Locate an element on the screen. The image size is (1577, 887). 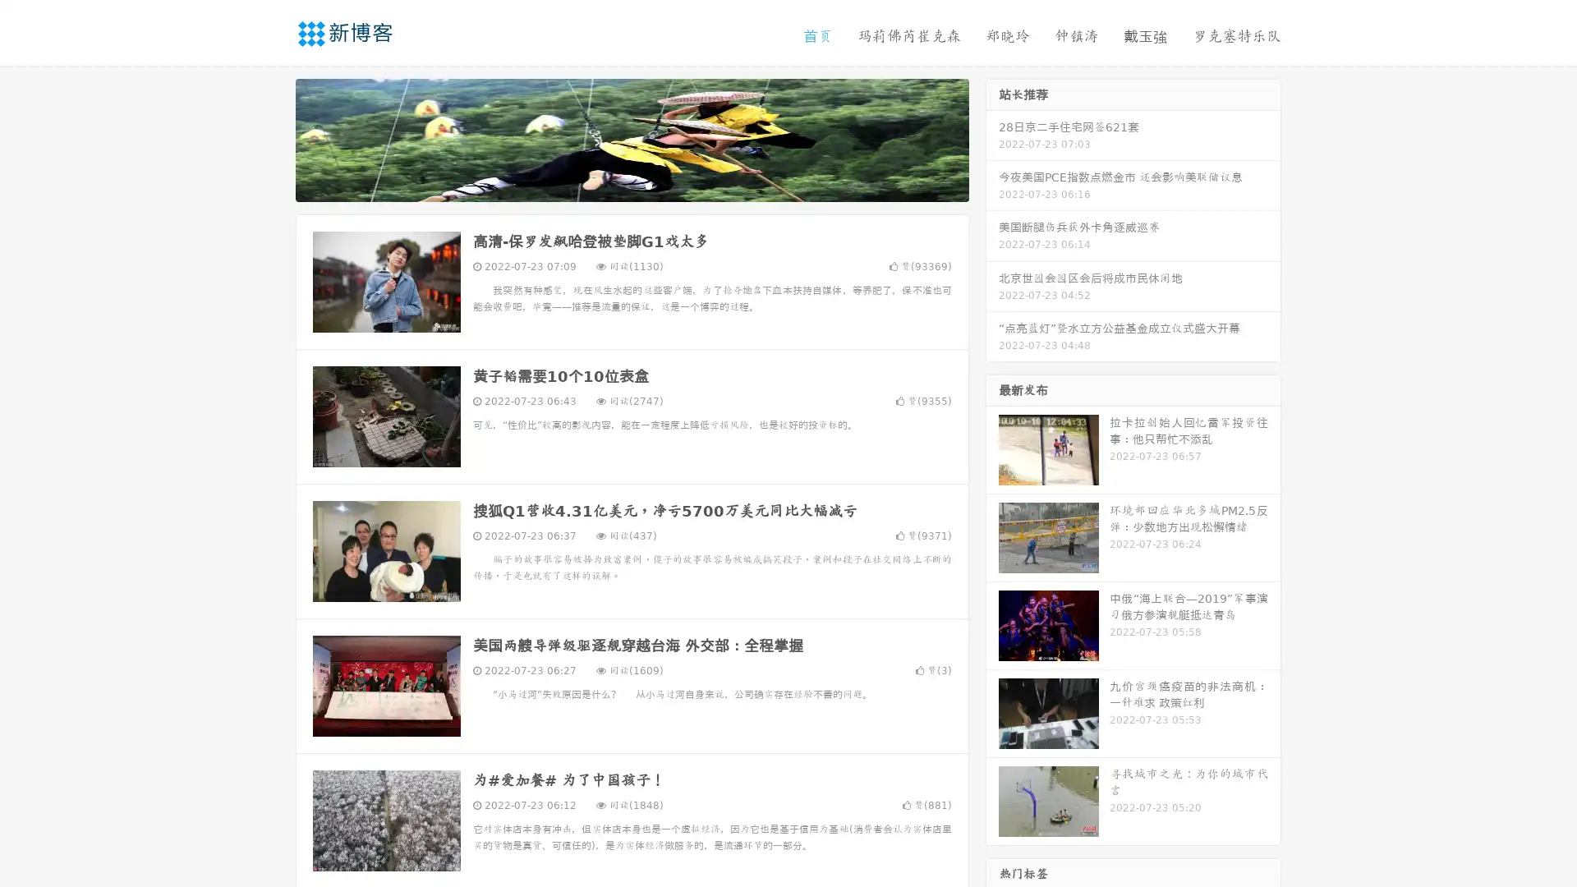
Previous slide is located at coordinates (271, 138).